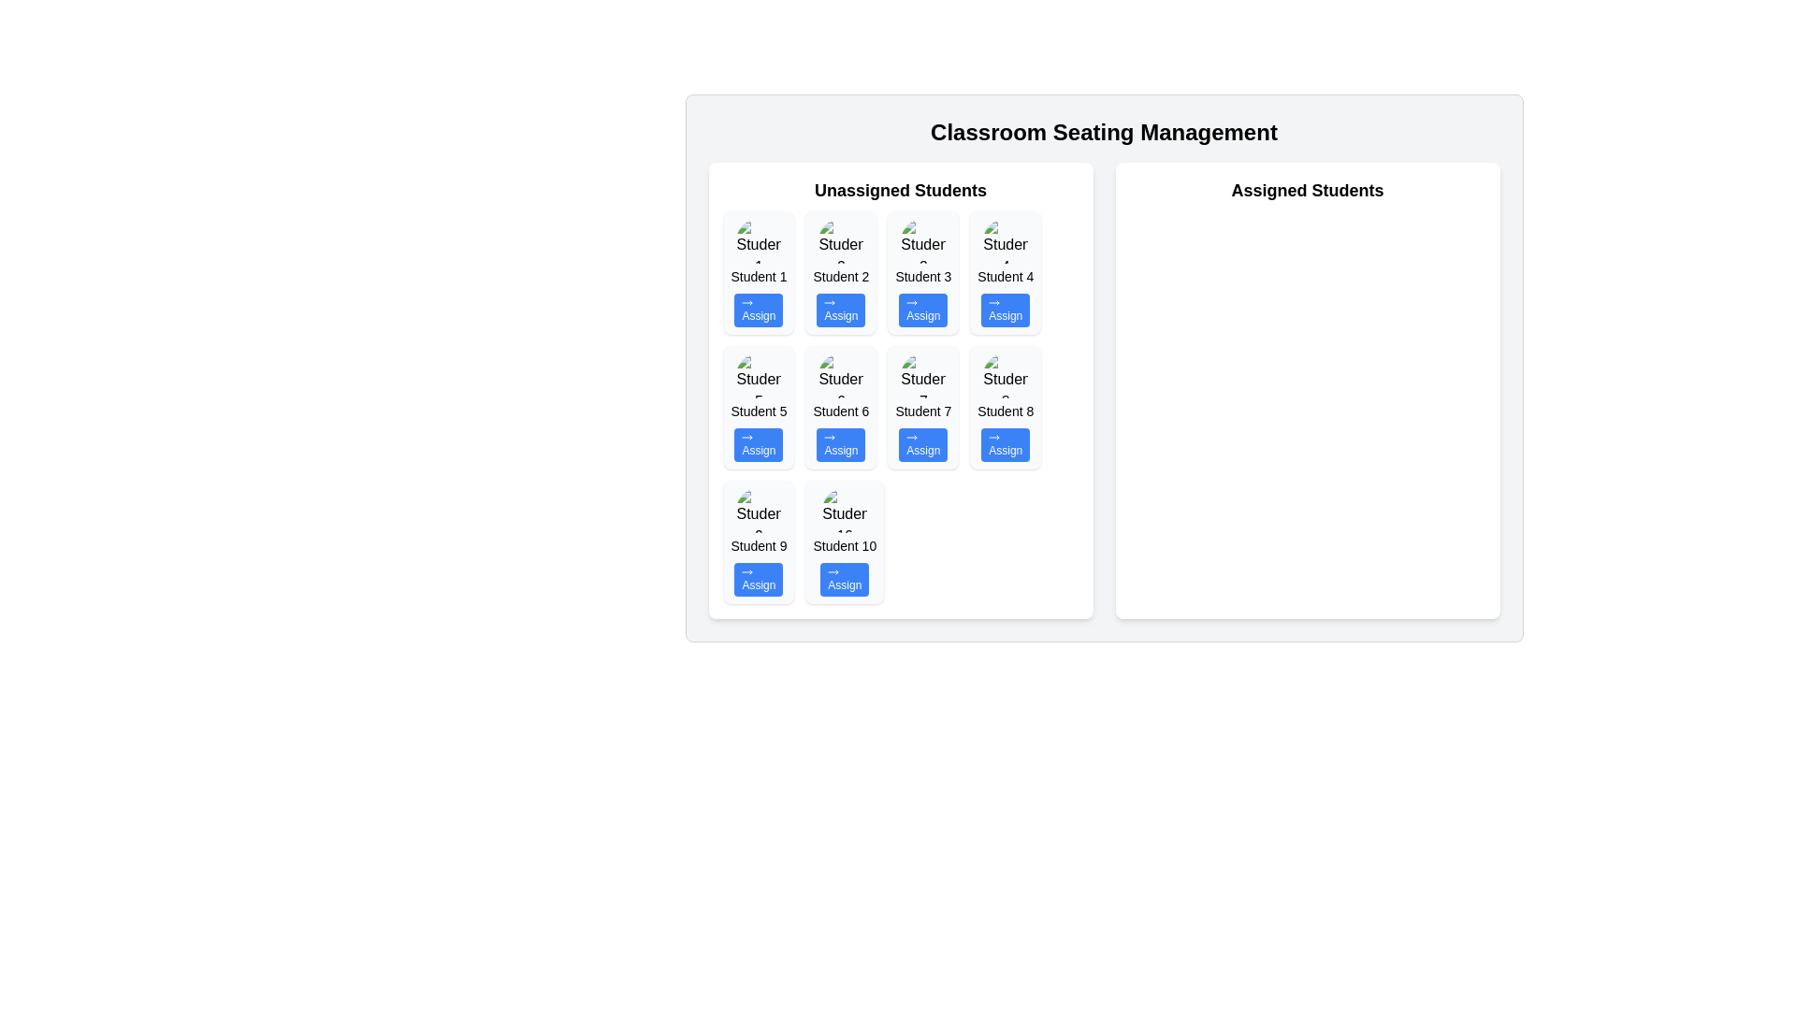 This screenshot has width=1796, height=1010. I want to click on the Avatar image representing 'Student 1', which is located in the top-left corner of the 'Unassigned Students' section, so click(759, 240).